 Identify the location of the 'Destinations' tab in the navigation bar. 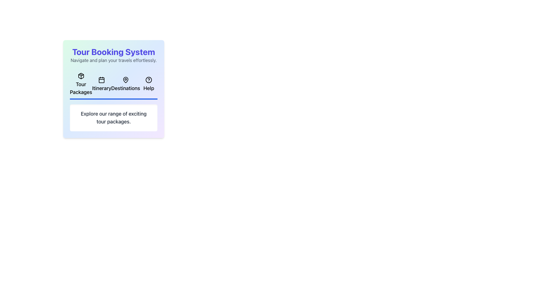
(125, 85).